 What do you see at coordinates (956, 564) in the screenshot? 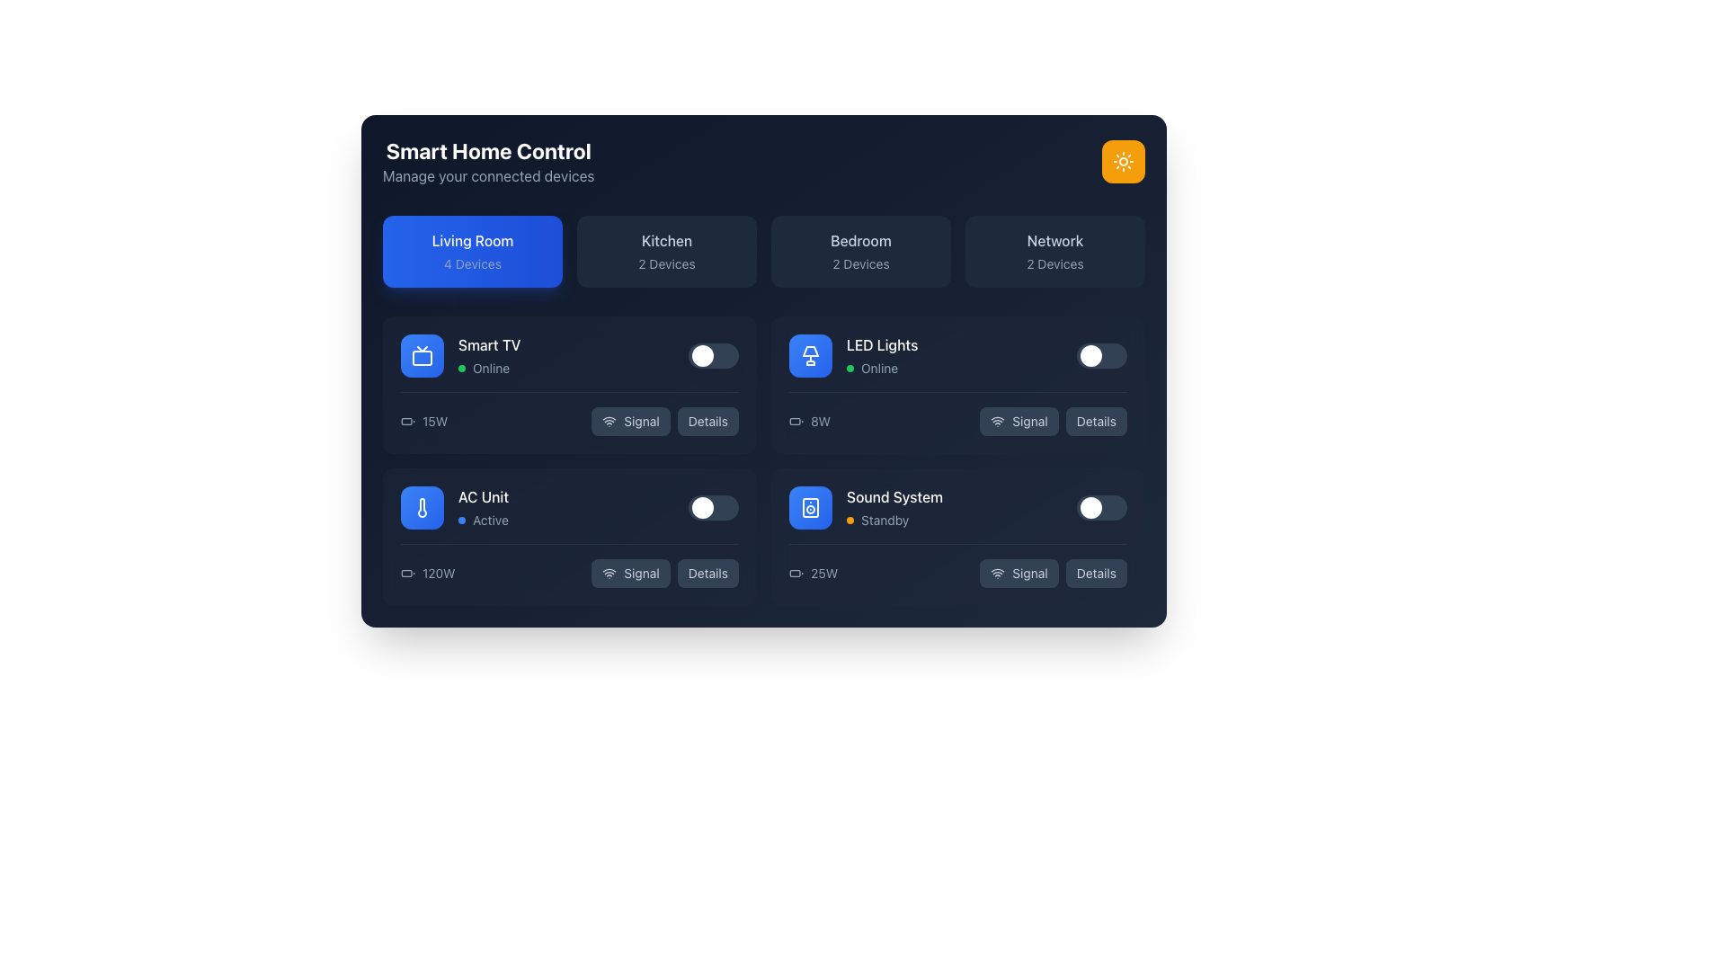
I see `the 'Signal' button located in the bottom-right part of the 'Sound System' card section, directly under the 'Standby' status indicator` at bounding box center [956, 564].